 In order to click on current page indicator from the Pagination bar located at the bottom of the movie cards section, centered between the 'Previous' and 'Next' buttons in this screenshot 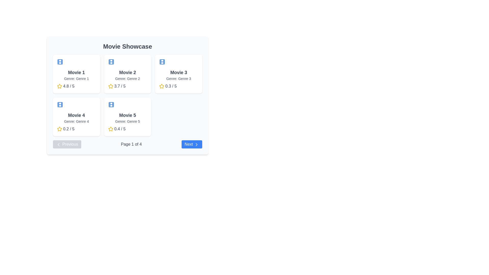, I will do `click(127, 144)`.